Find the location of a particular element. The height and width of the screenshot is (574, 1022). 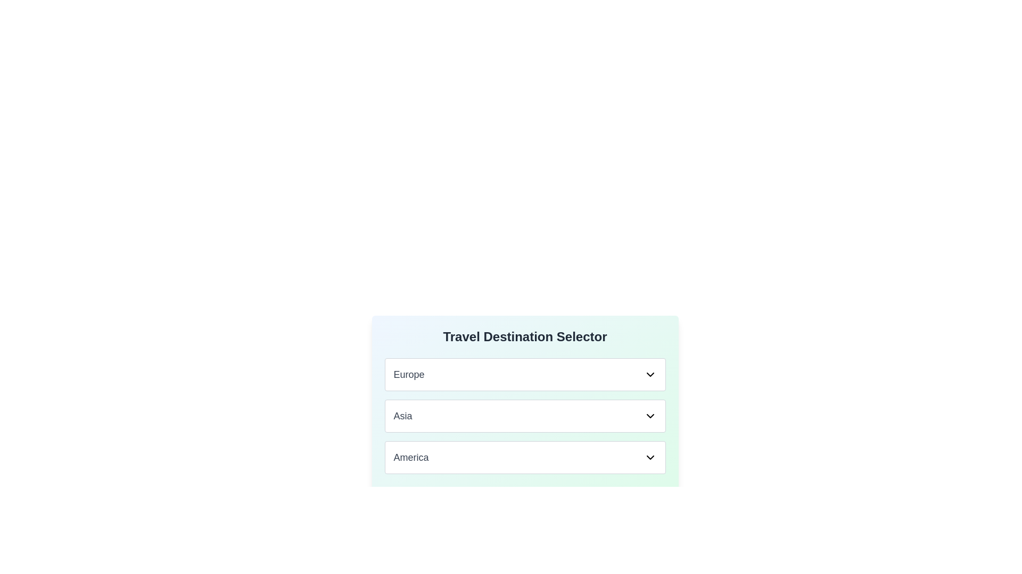

the text label or header that serves as the title for selecting a travel destination, positioned centrally at the top of the card-like section is located at coordinates (525, 336).